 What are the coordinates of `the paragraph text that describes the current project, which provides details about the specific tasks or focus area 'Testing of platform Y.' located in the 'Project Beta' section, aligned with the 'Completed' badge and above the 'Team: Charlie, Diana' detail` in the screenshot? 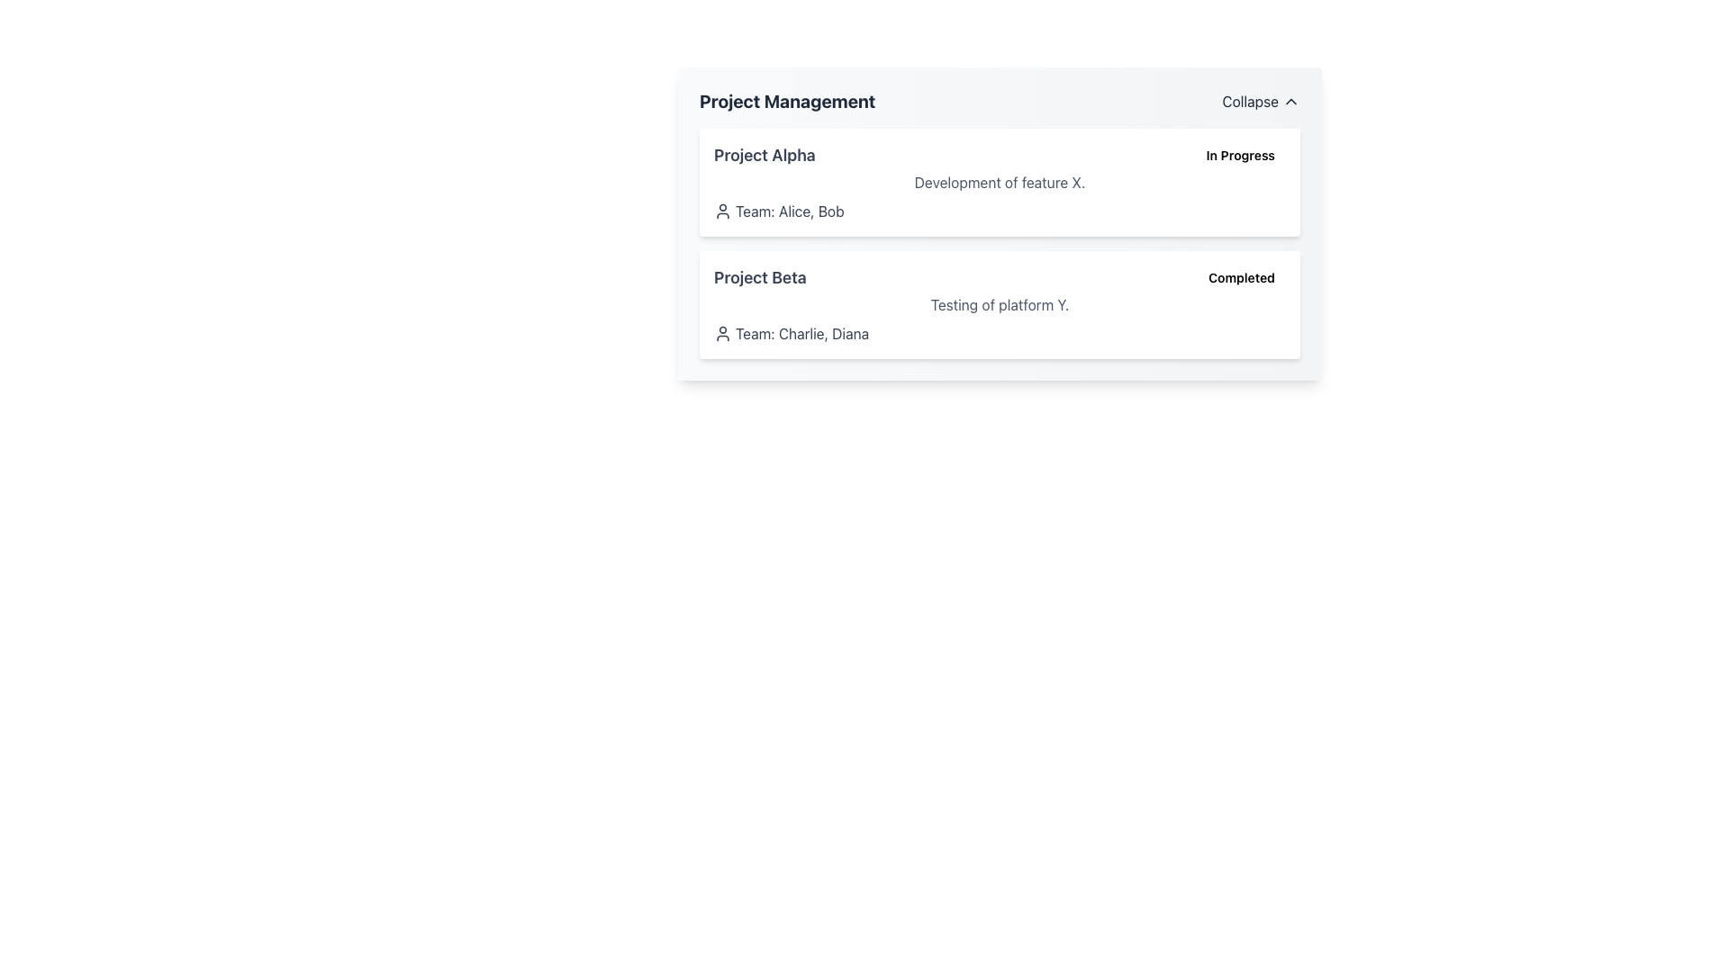 It's located at (999, 304).